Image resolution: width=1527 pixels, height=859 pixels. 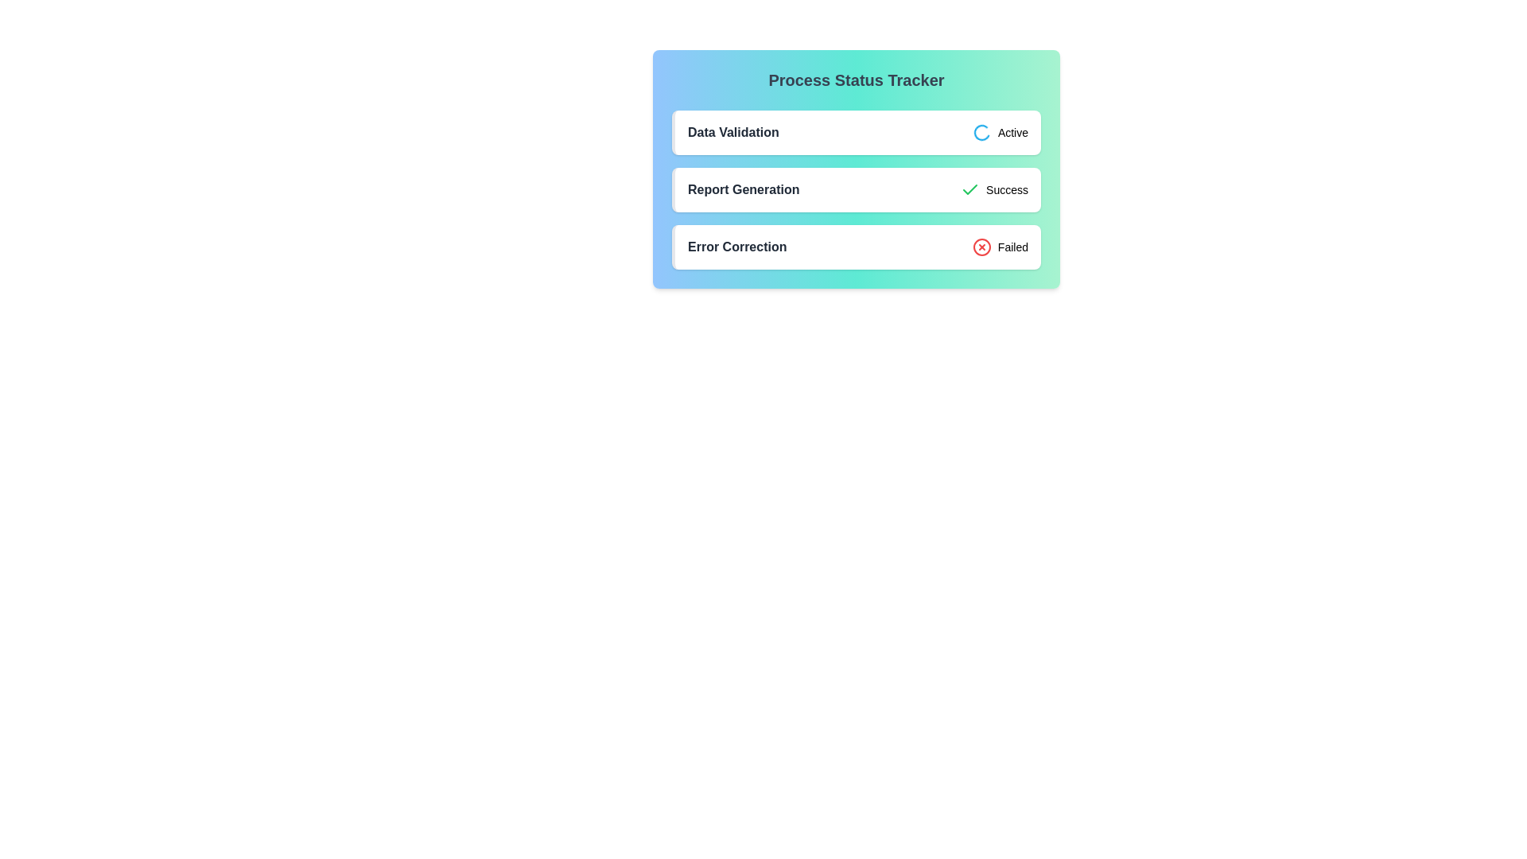 What do you see at coordinates (999, 131) in the screenshot?
I see `the progress visually of the 'Active' status indicator, which consists of a blue spinning circular icon followed by the text 'Active' in bold black font, located in the 'Data Validation' section of the interface` at bounding box center [999, 131].